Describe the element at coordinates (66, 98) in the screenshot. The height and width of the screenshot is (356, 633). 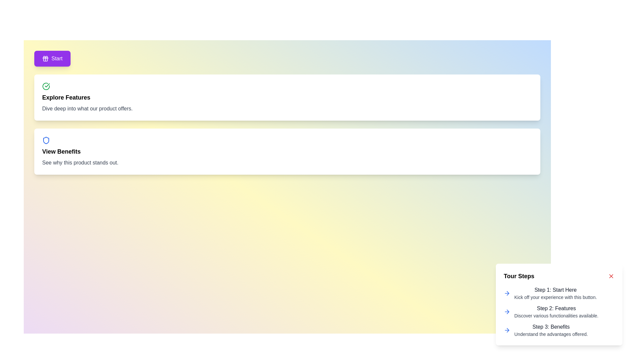
I see `text content of the header label located within the card, which is positioned below a green checkmark icon and above the description text` at that location.